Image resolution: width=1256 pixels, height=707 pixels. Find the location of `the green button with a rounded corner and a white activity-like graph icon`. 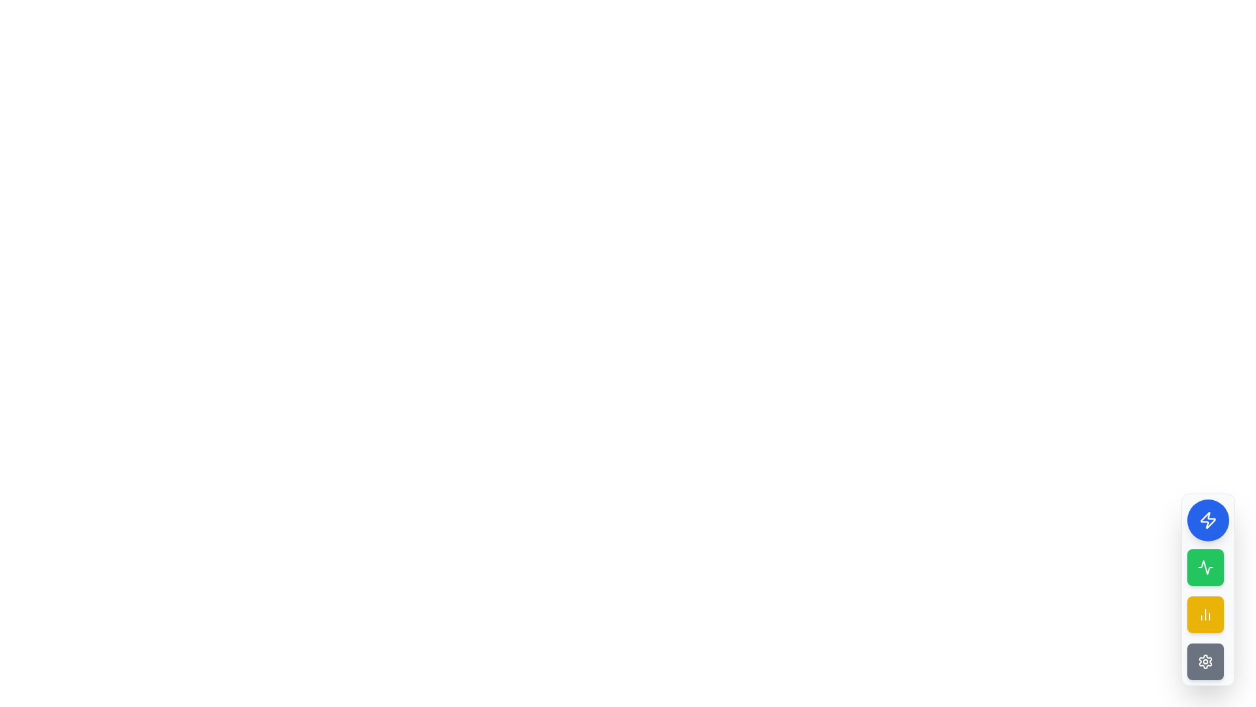

the green button with a rounded corner and a white activity-like graph icon is located at coordinates (1205, 567).